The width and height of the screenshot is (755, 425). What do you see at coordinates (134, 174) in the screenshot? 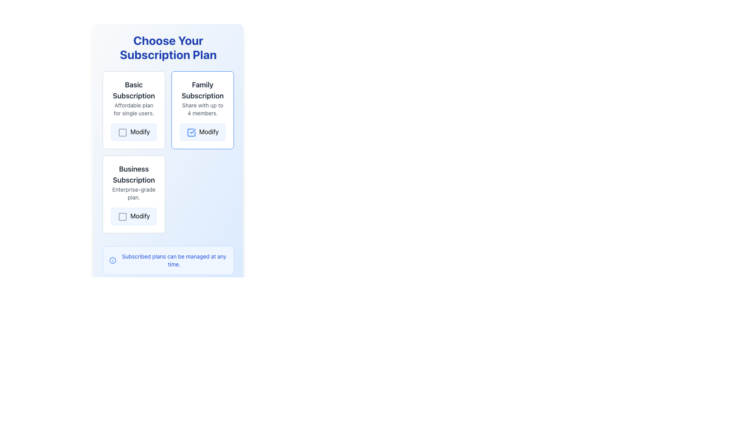
I see `the text label that reads 'Business Subscription', which is styled in a medium-size bold font and is positioned at the top of the third option card under 'Choose Your Subscription Plan'` at bounding box center [134, 174].